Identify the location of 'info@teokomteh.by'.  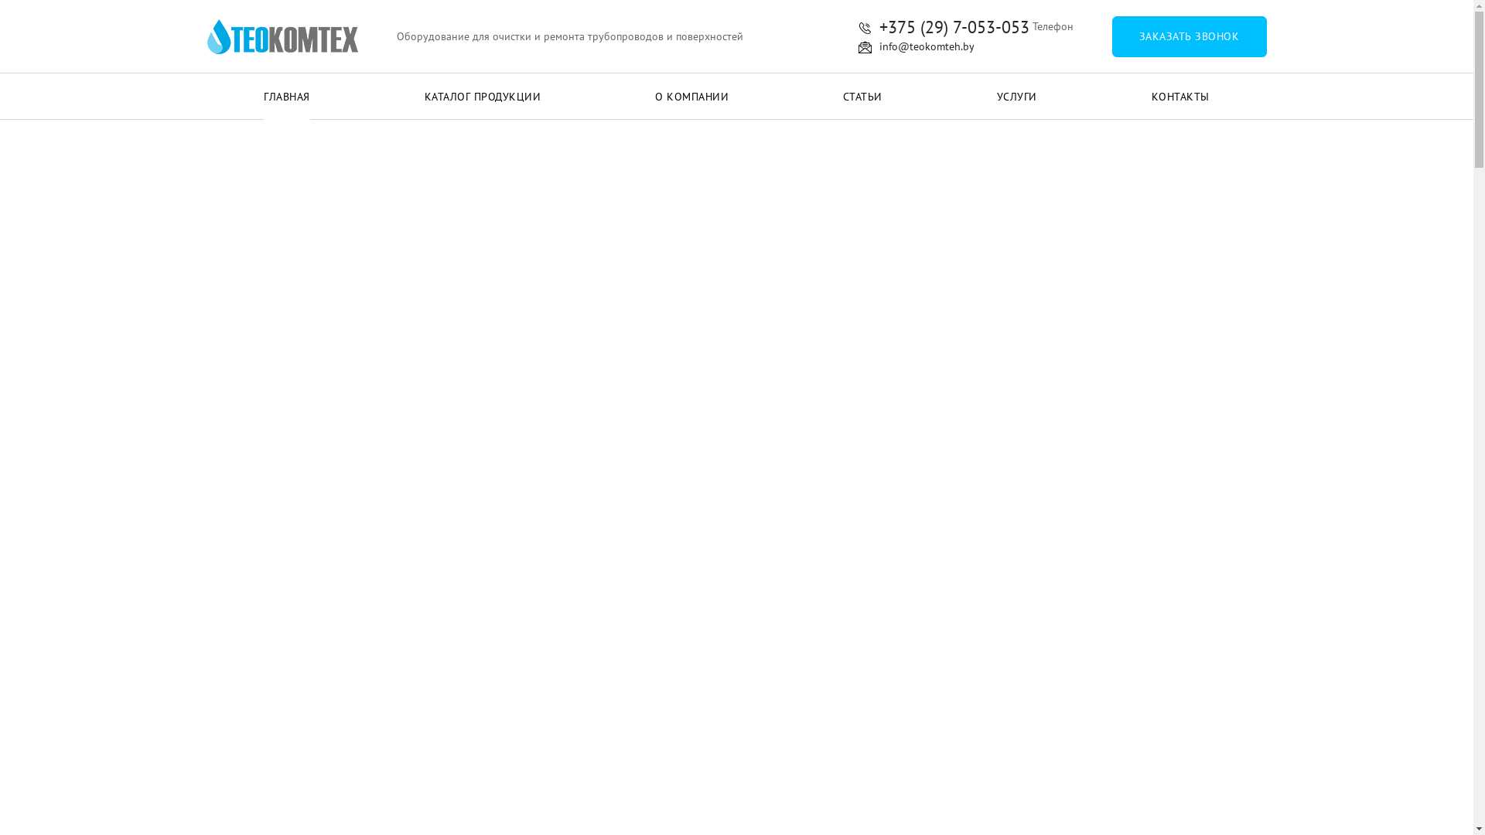
(917, 46).